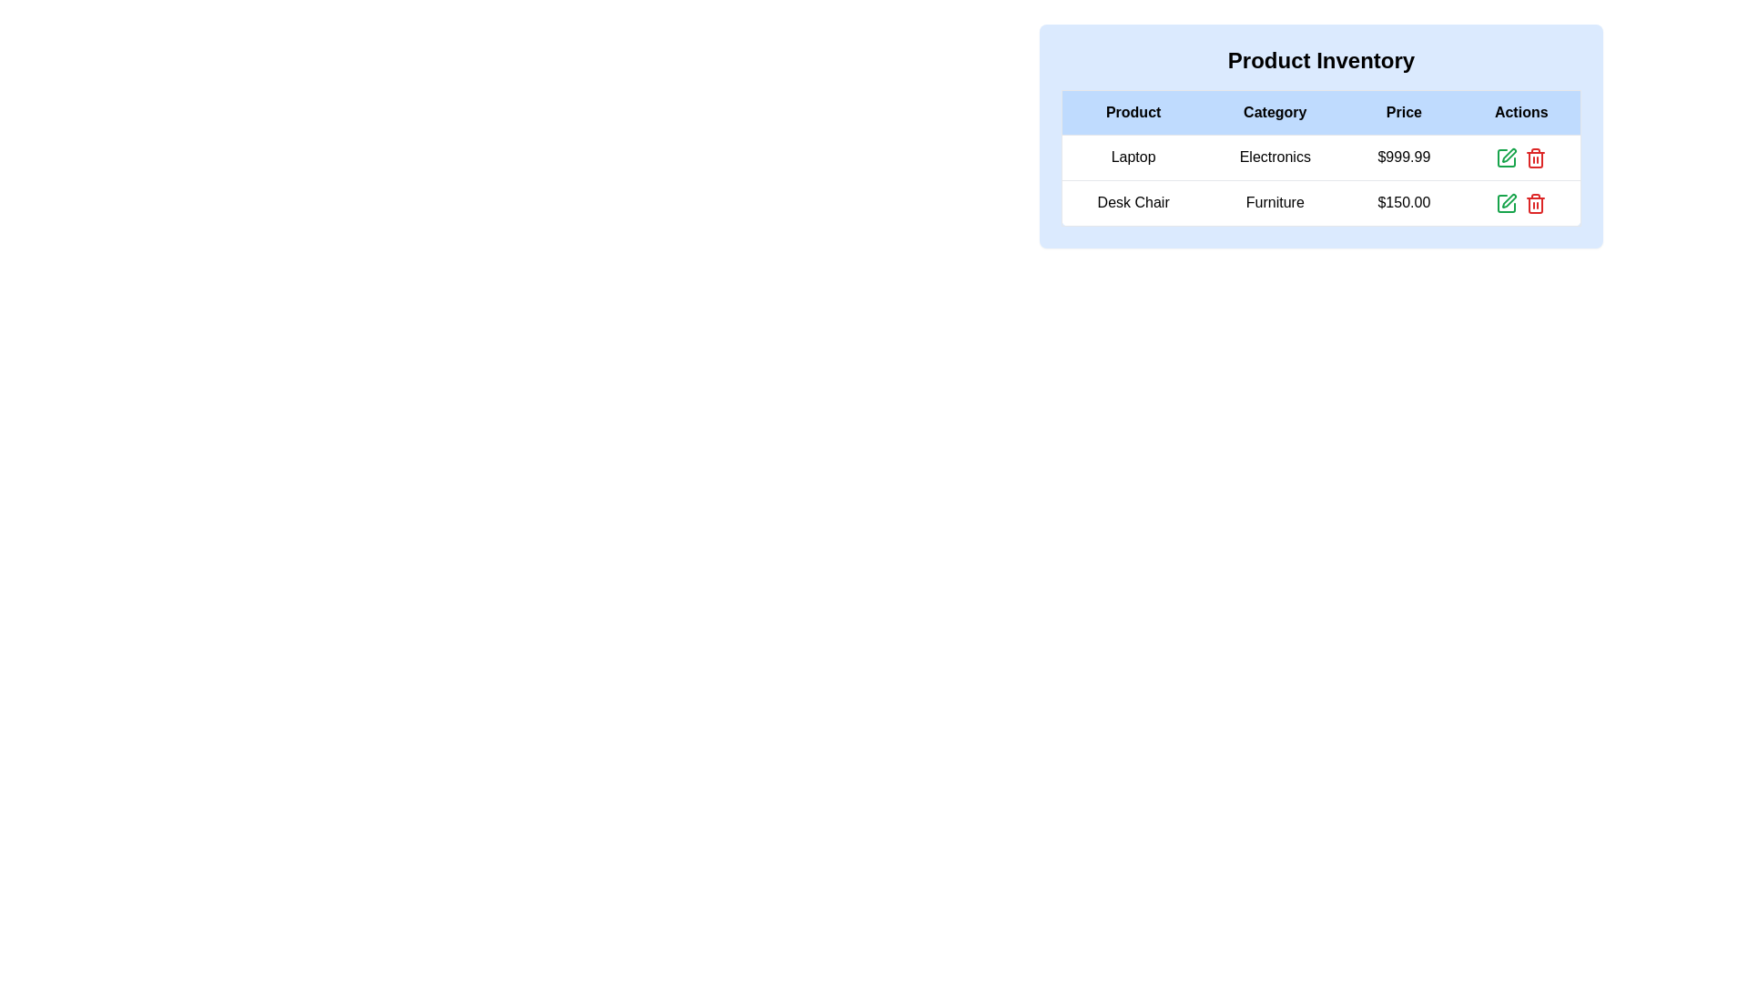 The height and width of the screenshot is (983, 1748). Describe the element at coordinates (1274, 112) in the screenshot. I see `the 'Category' column header in the 'Product Inventory' table` at that location.